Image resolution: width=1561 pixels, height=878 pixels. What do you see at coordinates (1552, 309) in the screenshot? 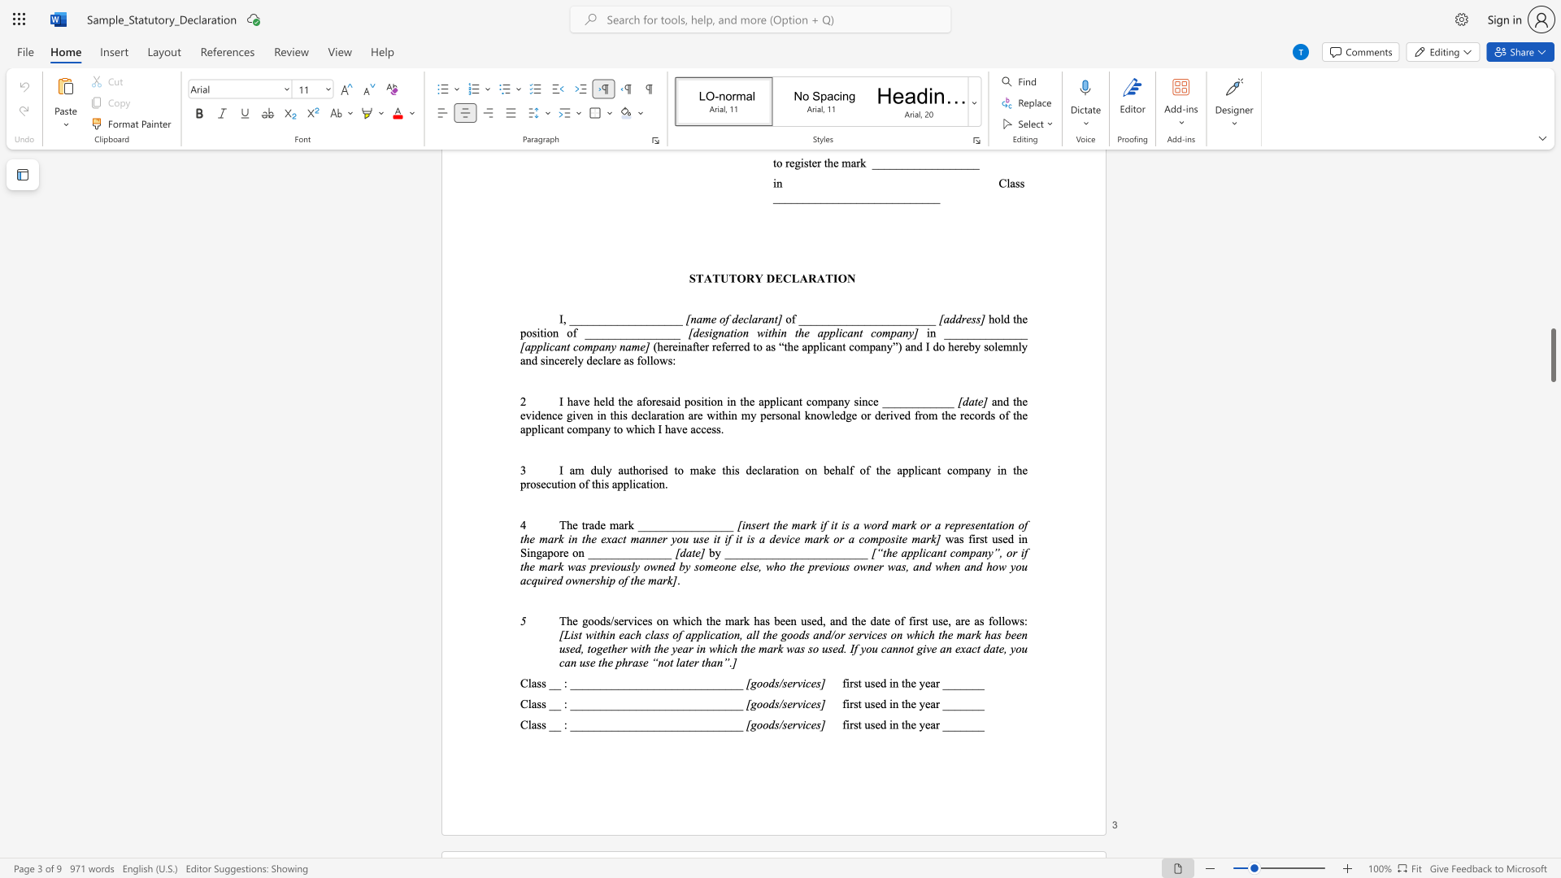
I see `the scrollbar to adjust the page upward` at bounding box center [1552, 309].